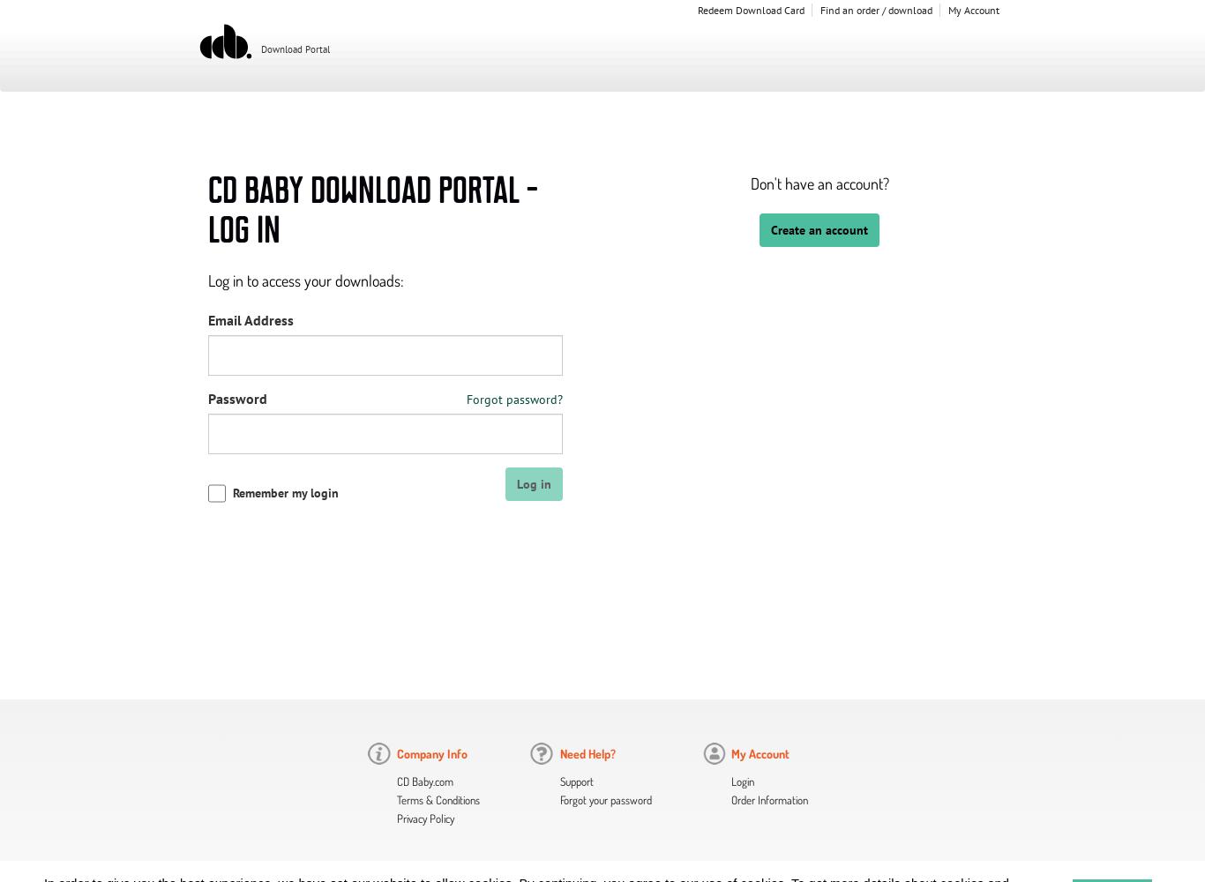  Describe the element at coordinates (533, 483) in the screenshot. I see `'Log in'` at that location.